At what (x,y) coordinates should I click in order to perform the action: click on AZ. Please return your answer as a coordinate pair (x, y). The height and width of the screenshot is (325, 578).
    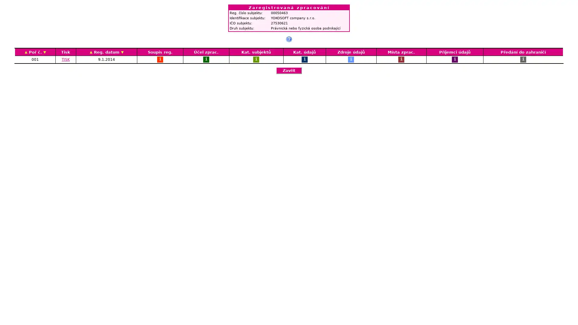
    Looking at the image, I should click on (25, 52).